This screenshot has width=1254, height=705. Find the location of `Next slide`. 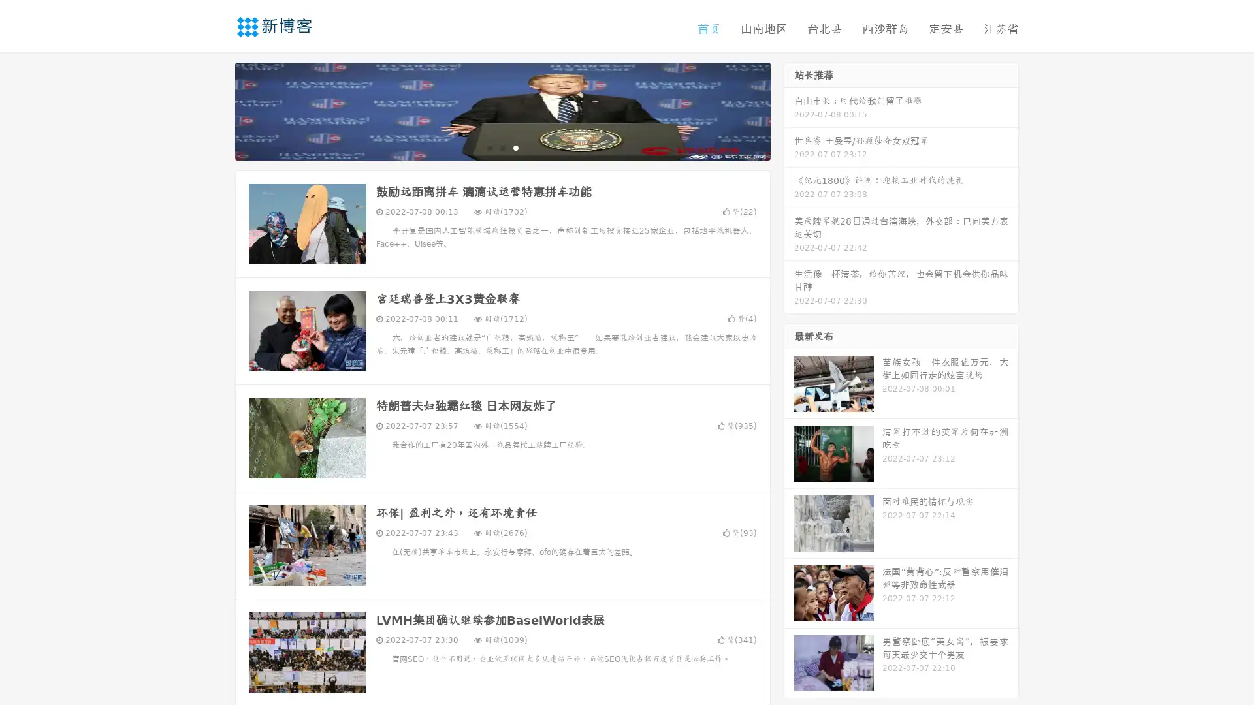

Next slide is located at coordinates (789, 110).